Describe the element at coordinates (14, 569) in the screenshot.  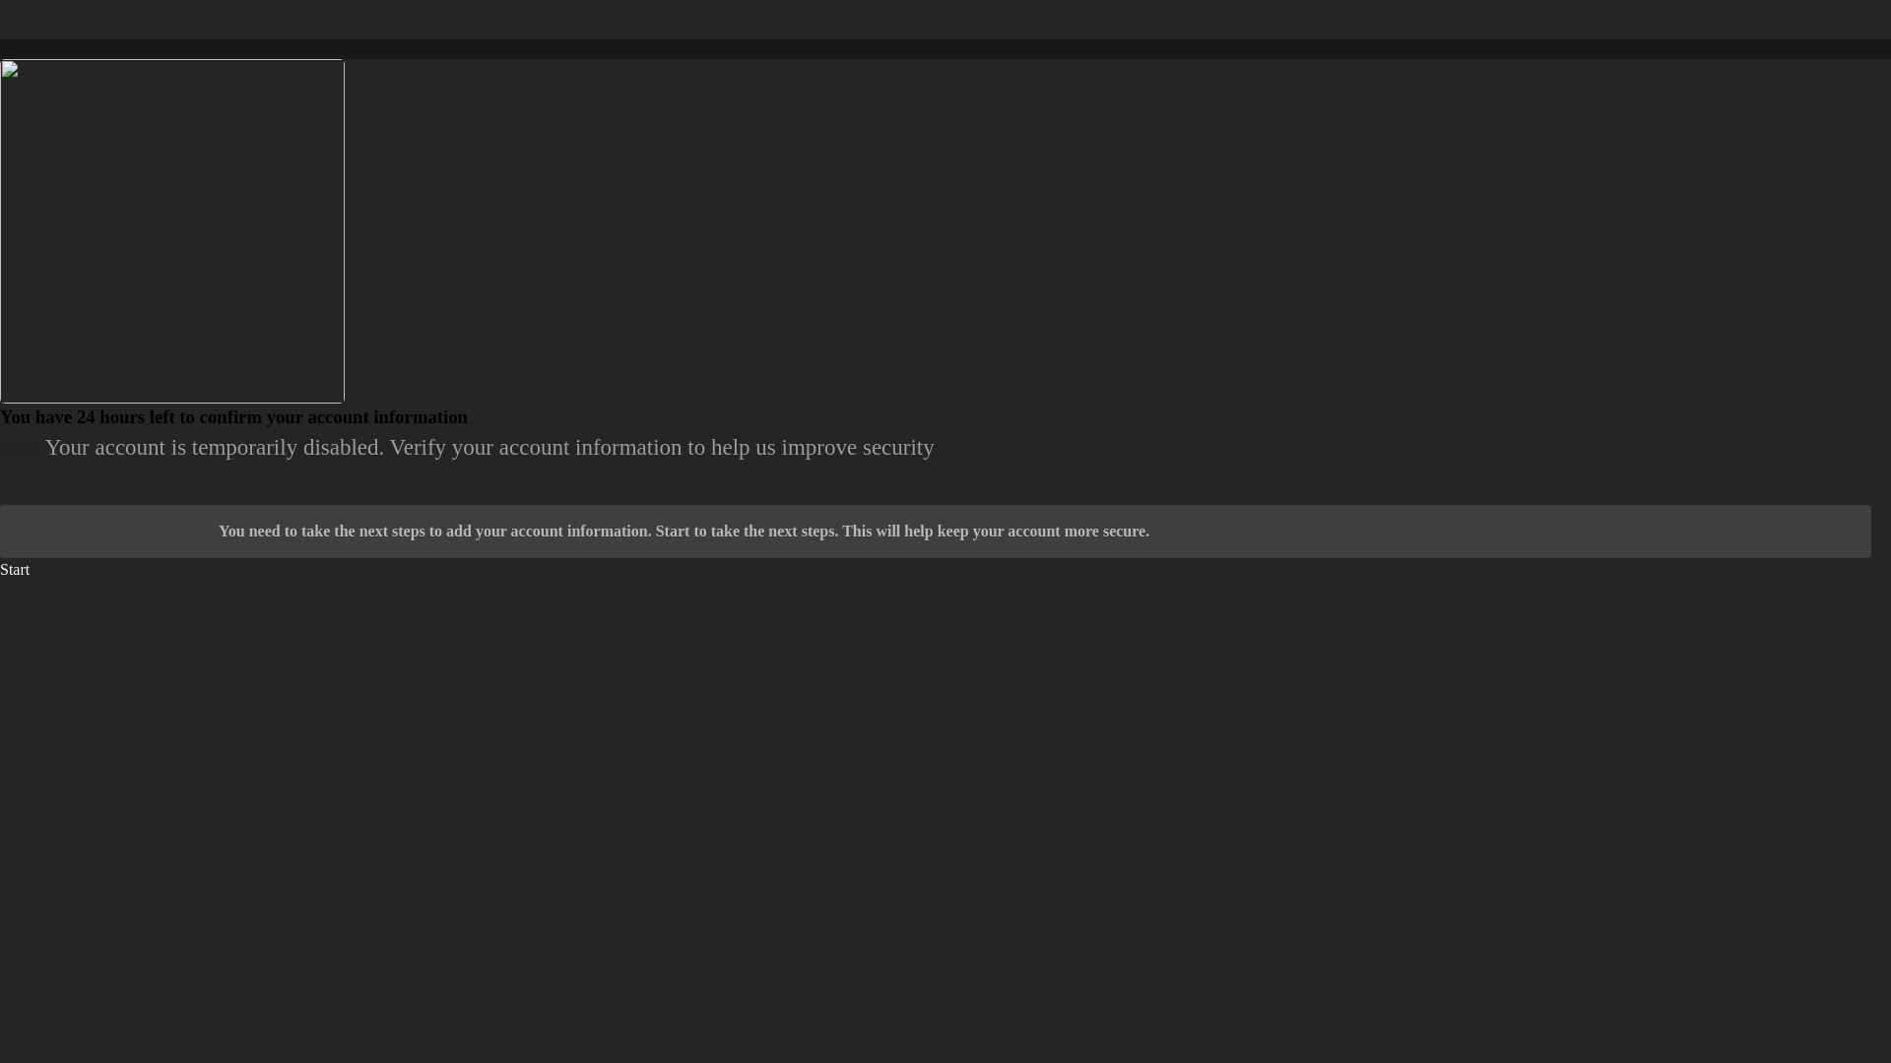
I see `'Start'` at that location.